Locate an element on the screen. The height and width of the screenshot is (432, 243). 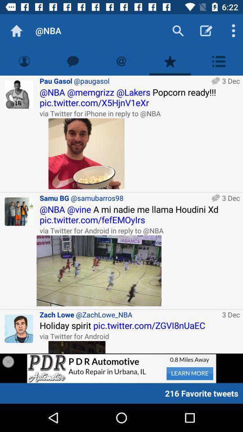
profile picture is located at coordinates (19, 328).